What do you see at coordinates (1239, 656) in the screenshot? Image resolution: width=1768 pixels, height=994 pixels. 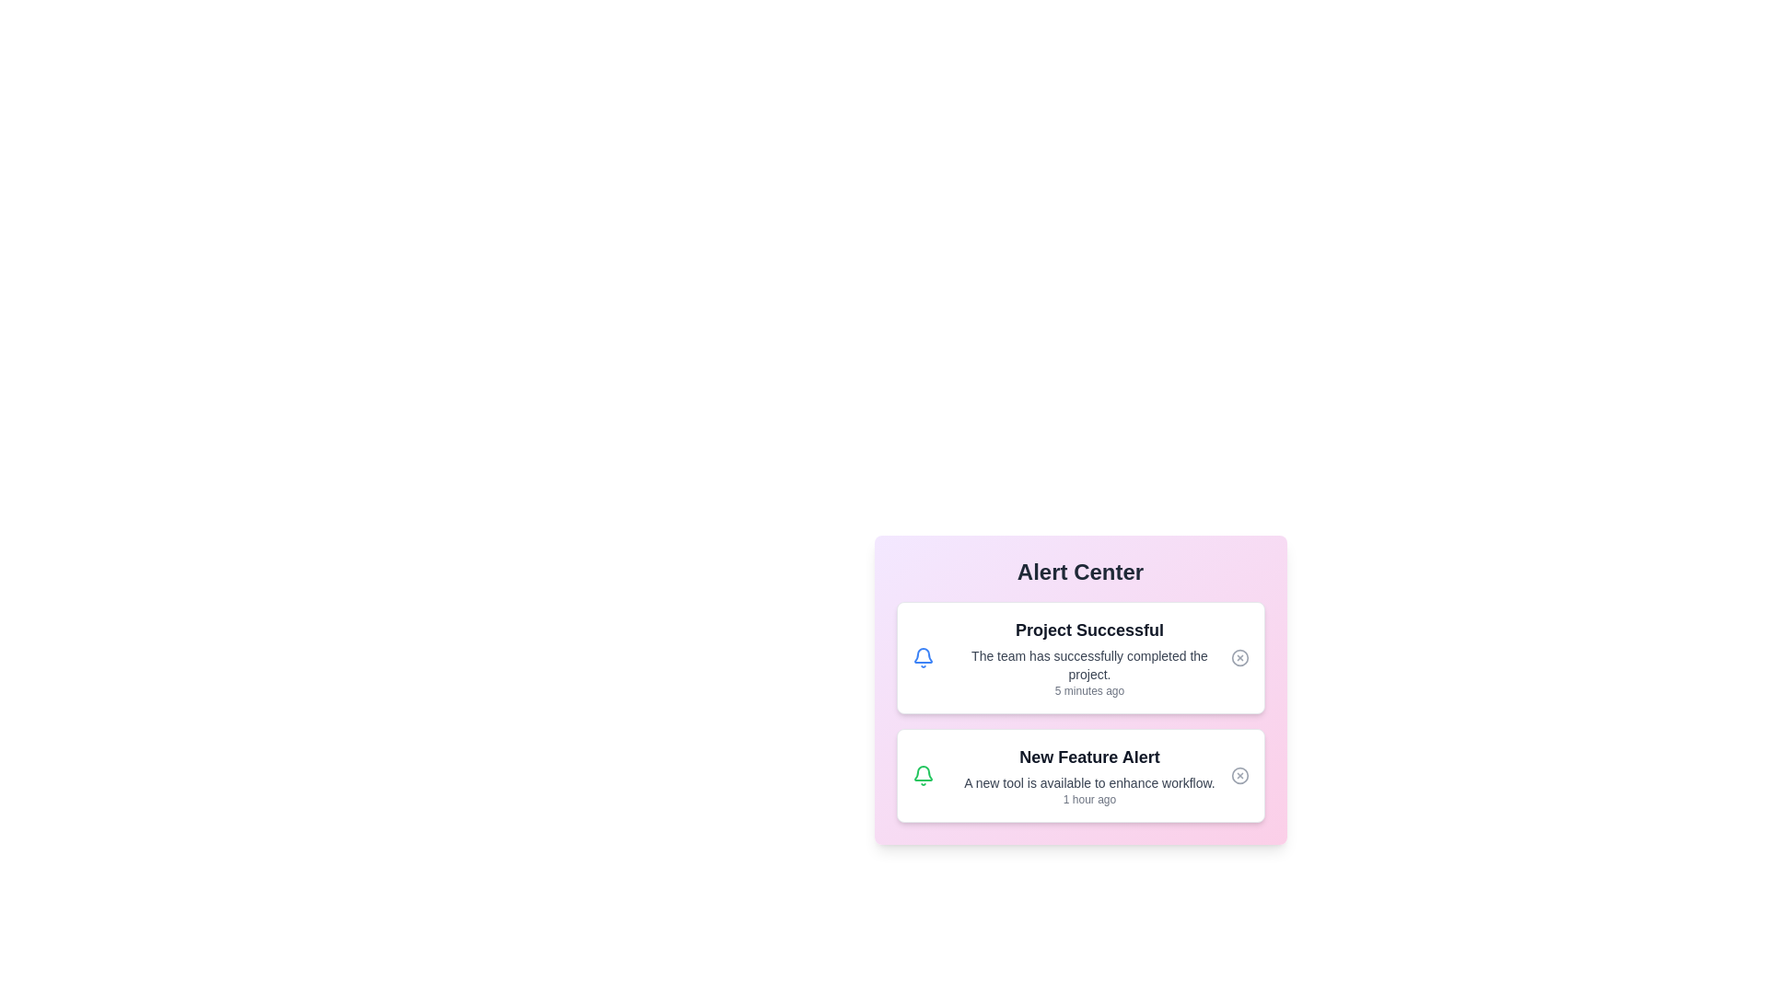 I see `close button for the notification titled 'Project Successful'` at bounding box center [1239, 656].